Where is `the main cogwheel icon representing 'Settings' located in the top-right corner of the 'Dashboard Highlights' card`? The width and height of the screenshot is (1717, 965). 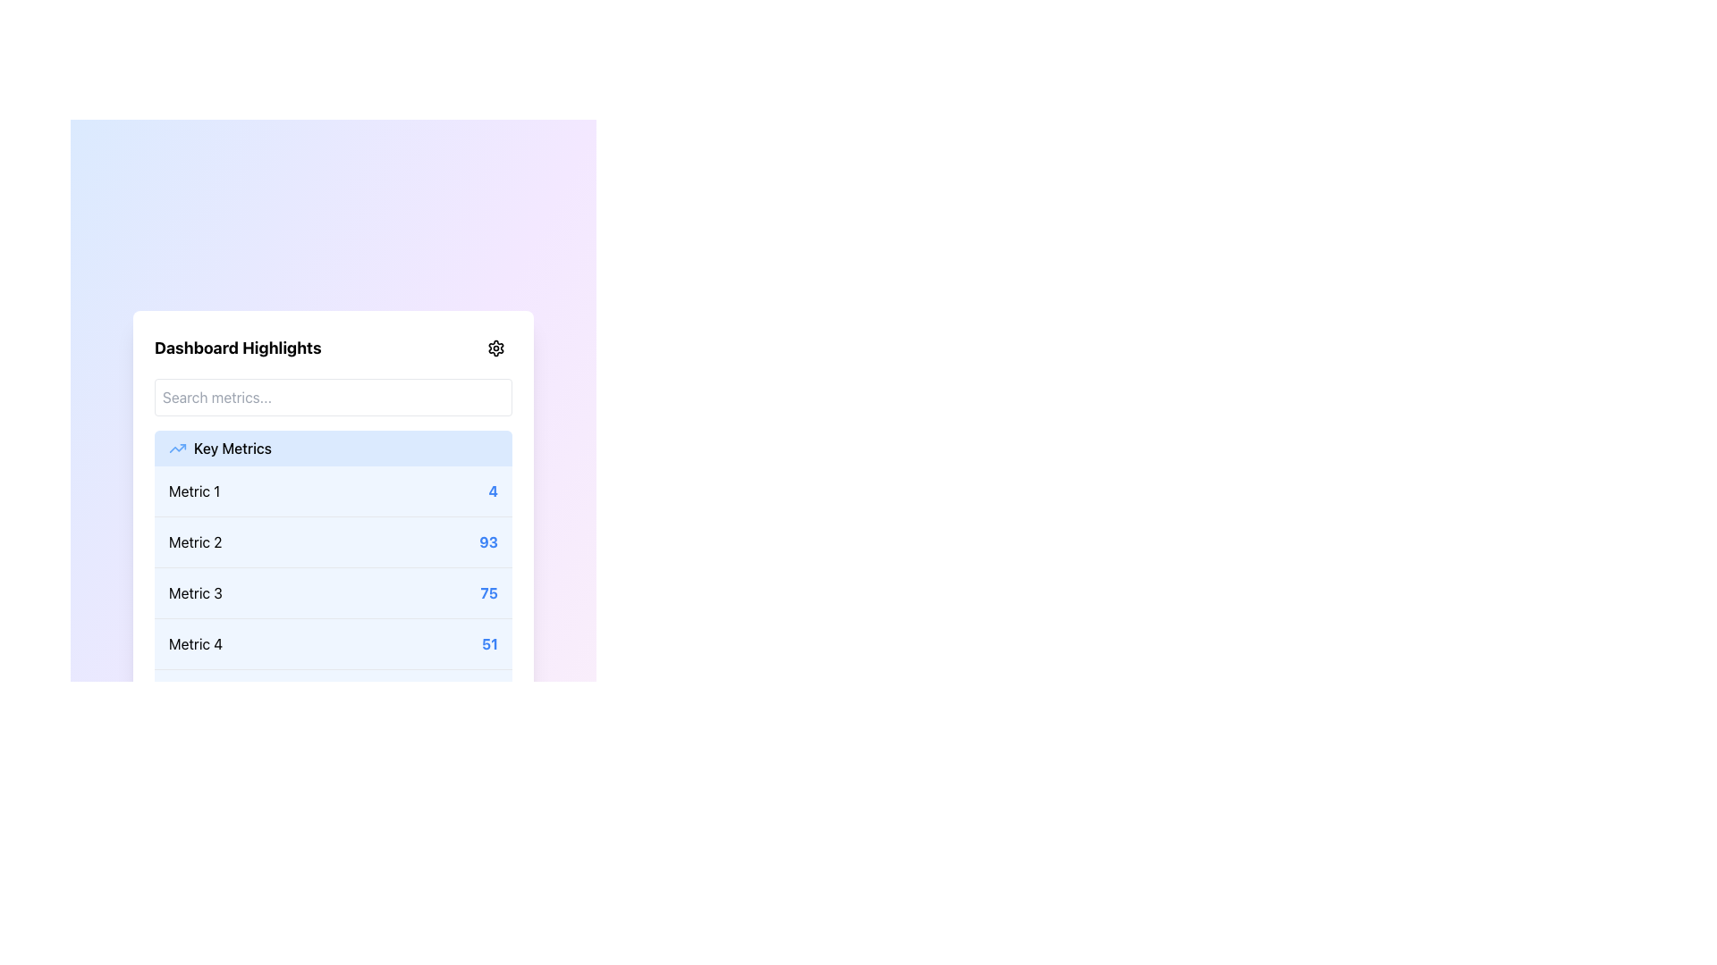
the main cogwheel icon representing 'Settings' located in the top-right corner of the 'Dashboard Highlights' card is located at coordinates (496, 348).